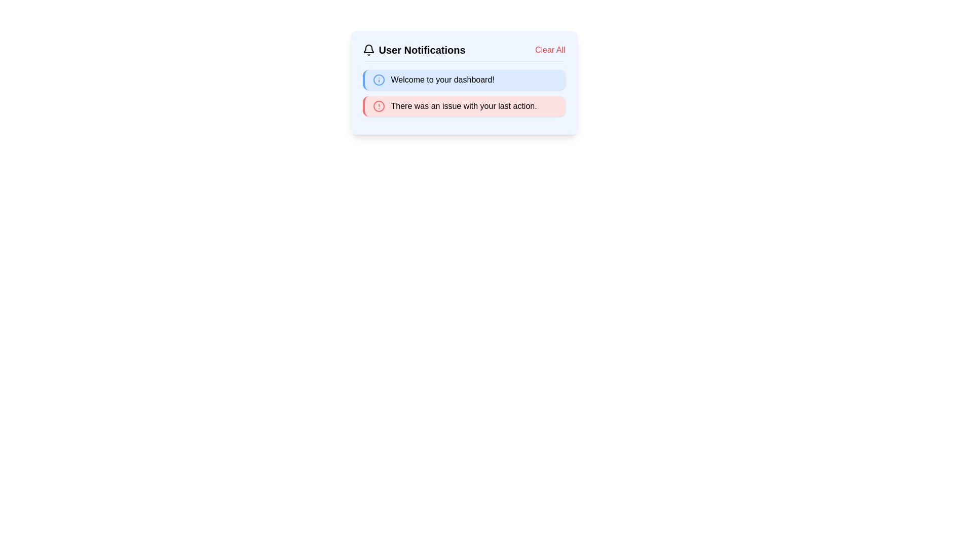  Describe the element at coordinates (442, 80) in the screenshot. I see `the purpose of the notification displayed` at that location.